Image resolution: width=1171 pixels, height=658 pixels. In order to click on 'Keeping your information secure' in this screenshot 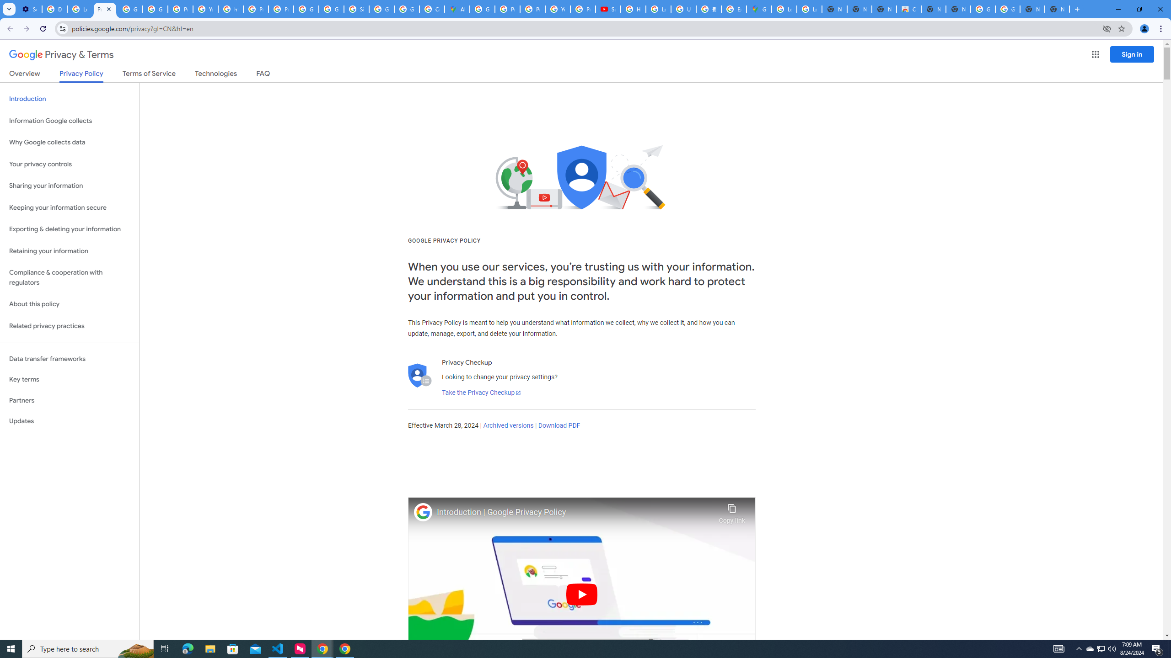, I will do `click(69, 208)`.